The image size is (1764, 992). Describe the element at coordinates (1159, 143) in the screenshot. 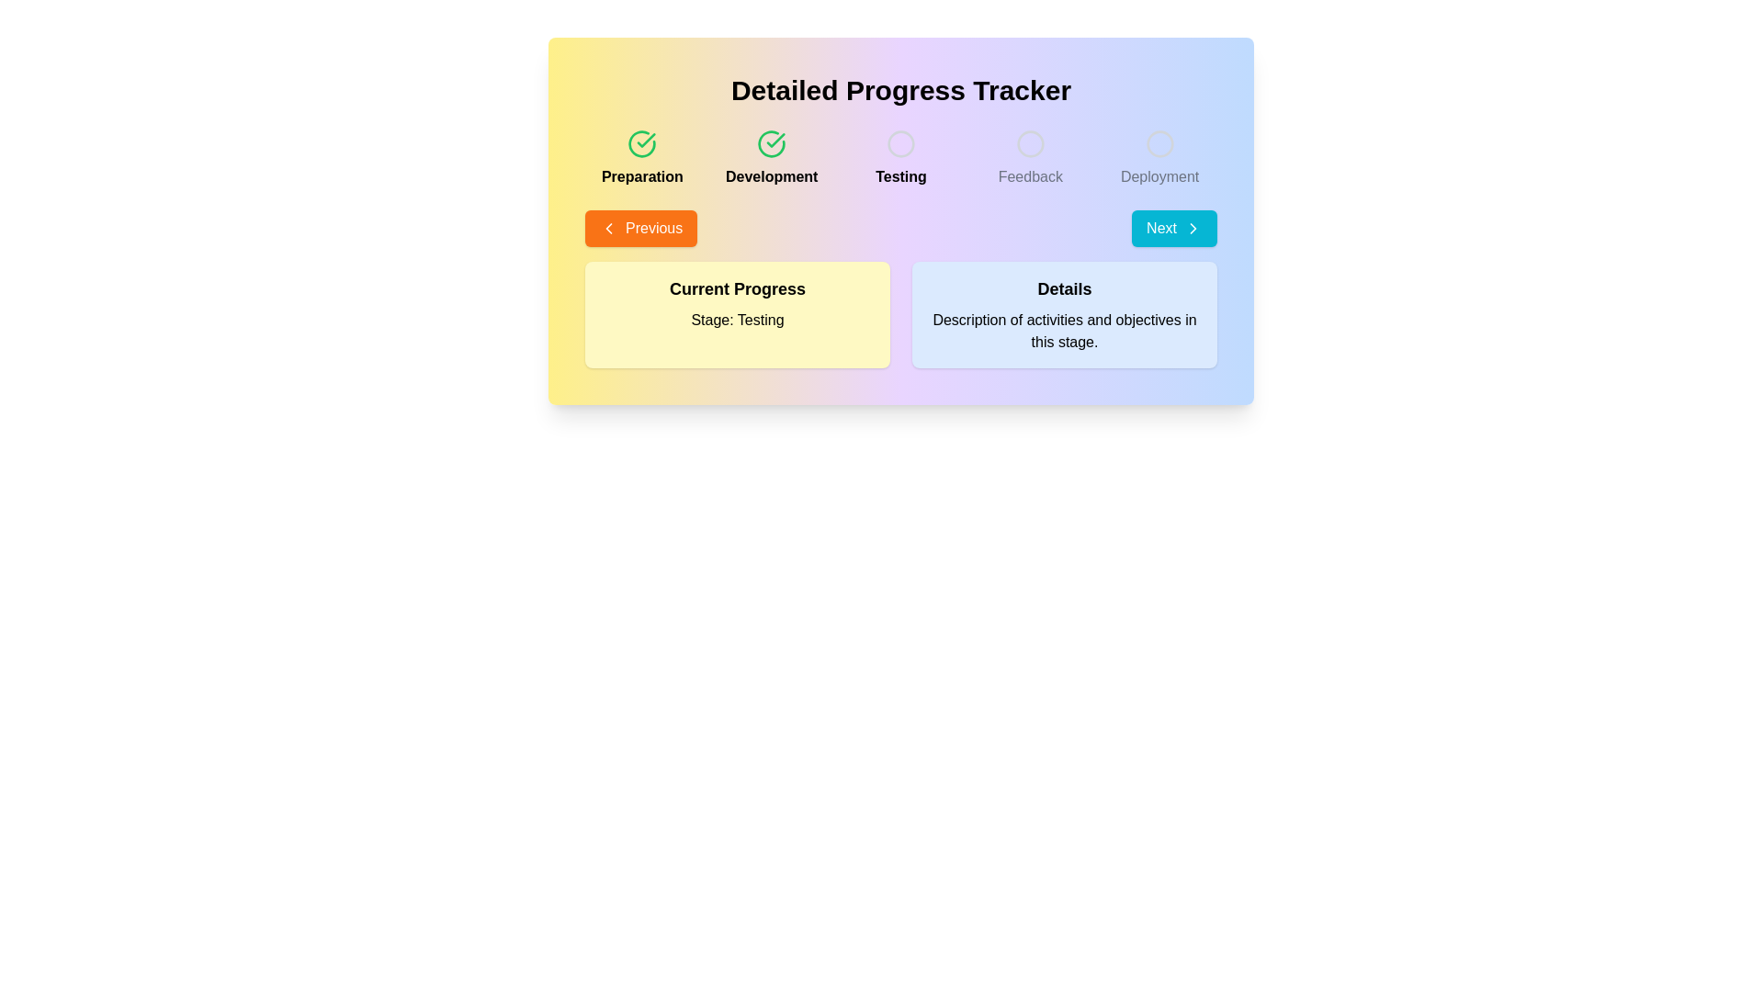

I see `the SVG circle element within the 'Deployment' section, which is a circular shape with a radius of 10 units` at that location.